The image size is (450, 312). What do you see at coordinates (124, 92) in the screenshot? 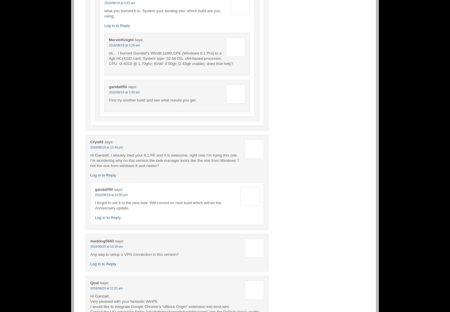
I see `'2016/06/19 at 3:30 am'` at bounding box center [124, 92].